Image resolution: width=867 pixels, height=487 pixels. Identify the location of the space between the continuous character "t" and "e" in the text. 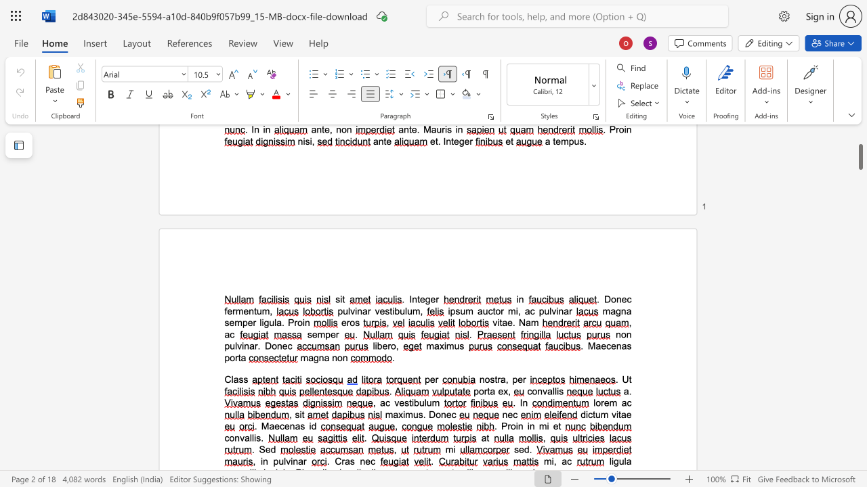
(454, 141).